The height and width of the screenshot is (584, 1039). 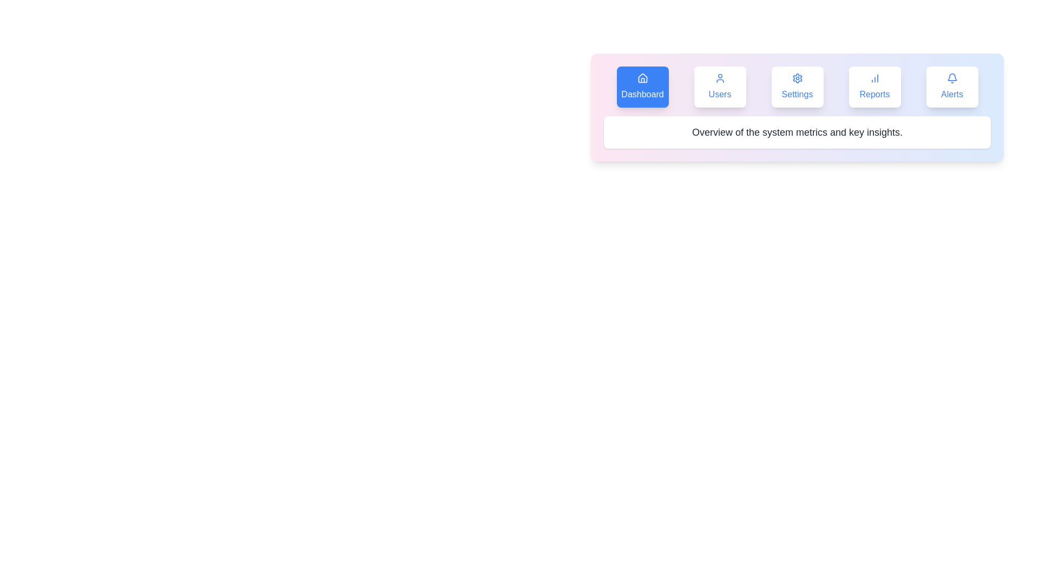 I want to click on the 'Settings' text label, which is styled in blue and positioned beneath the settings cogwheel icon in the navigation interface, so click(x=797, y=94).